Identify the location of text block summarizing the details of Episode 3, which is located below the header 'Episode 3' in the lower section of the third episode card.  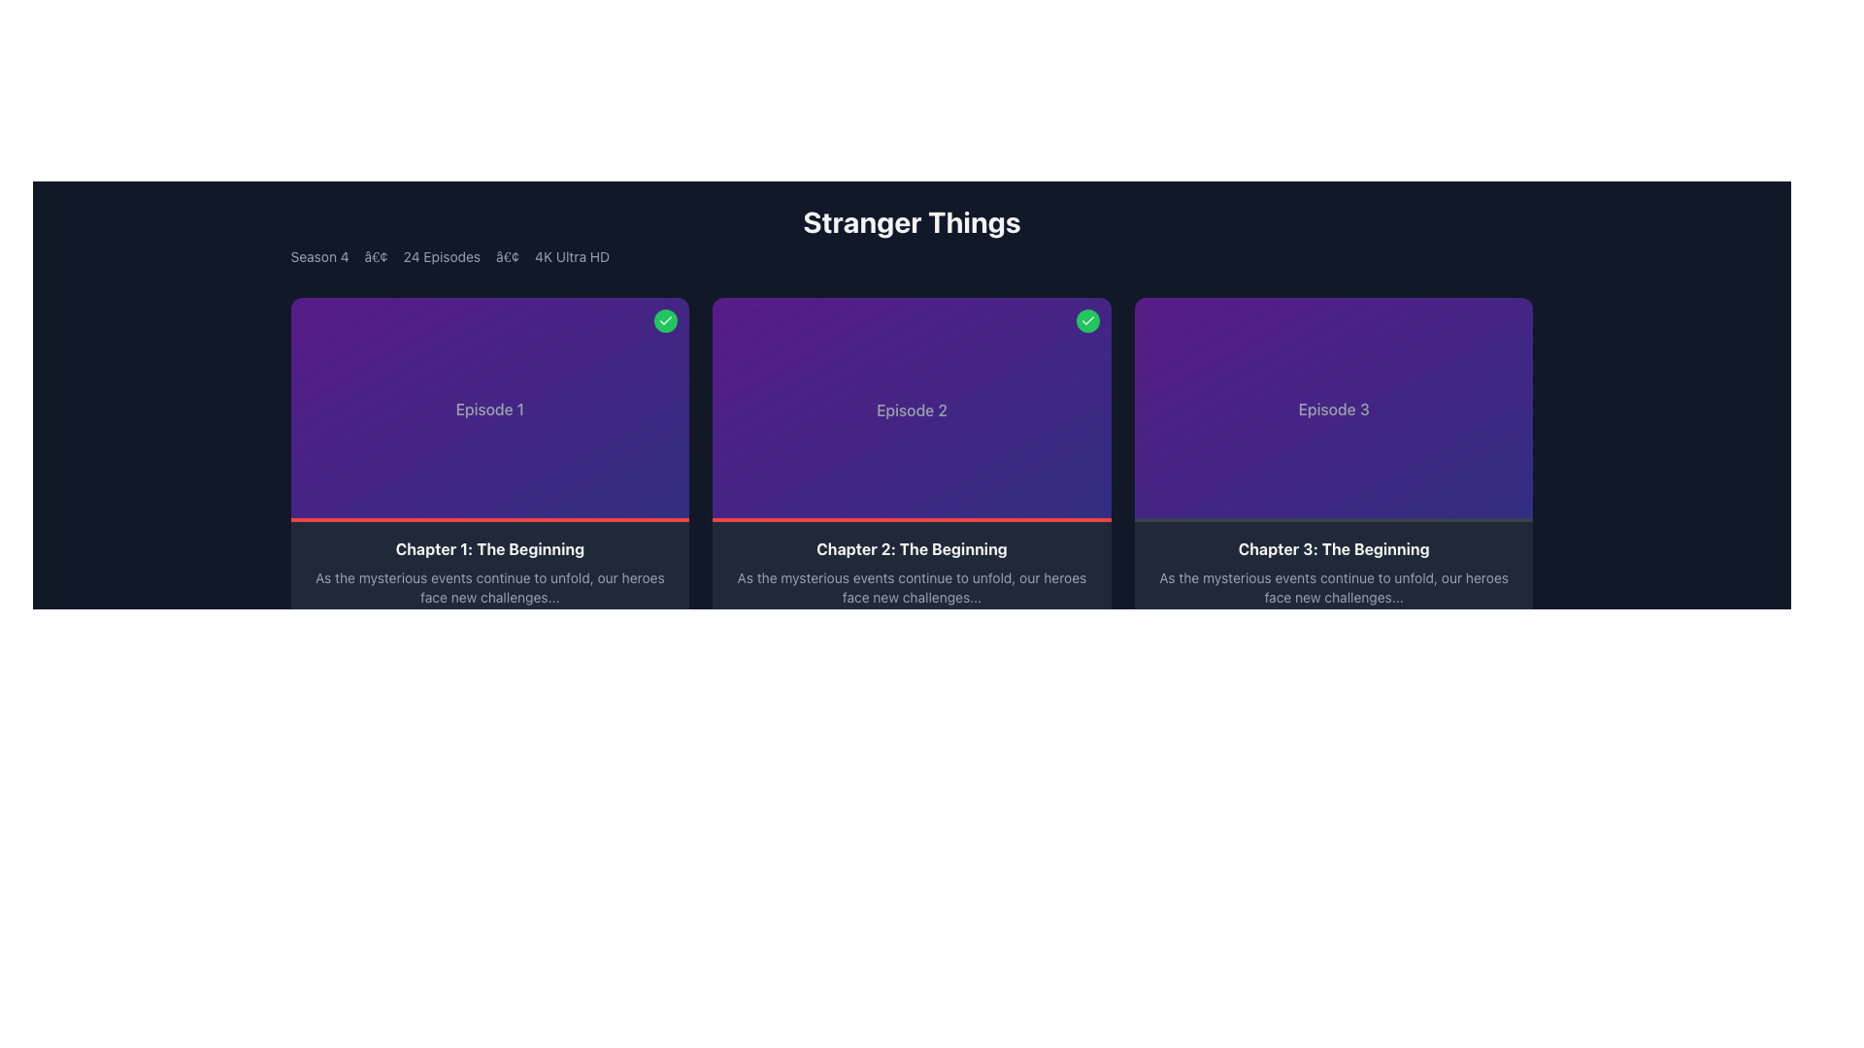
(1333, 594).